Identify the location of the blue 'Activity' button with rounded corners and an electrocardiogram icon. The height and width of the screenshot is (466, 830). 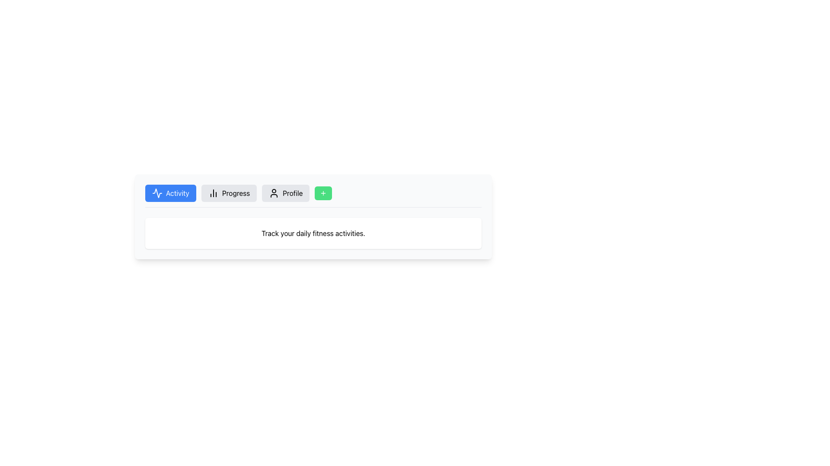
(170, 192).